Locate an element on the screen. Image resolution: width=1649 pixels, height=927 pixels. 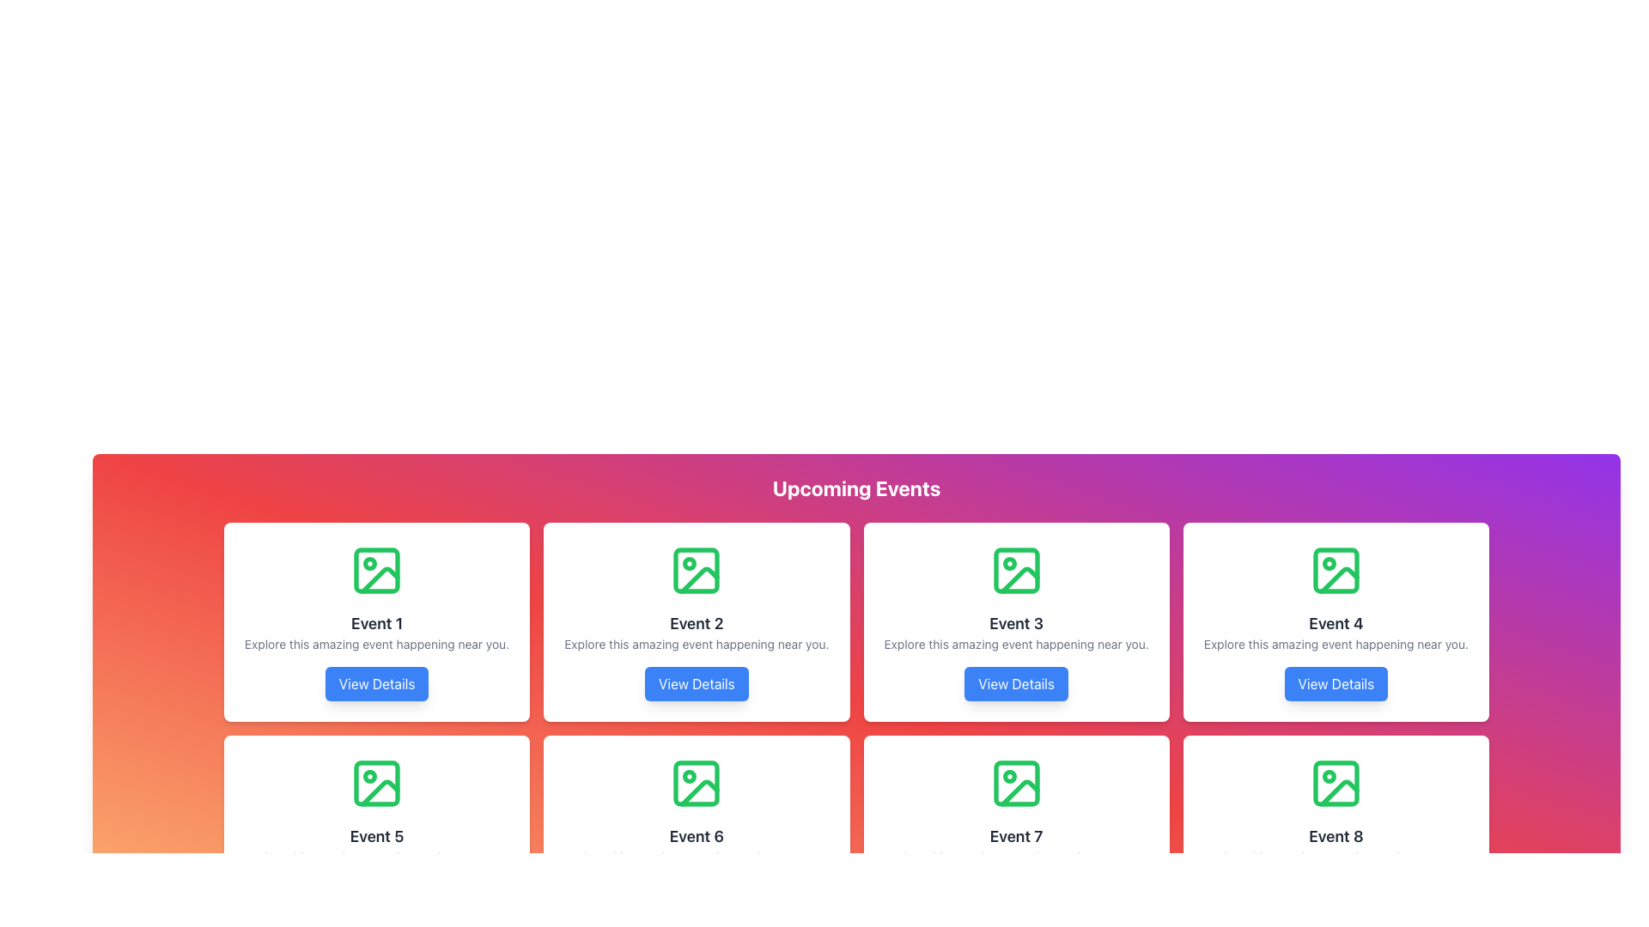
the image placeholder icon located in the third card of the first row, labeled 'Event 3' is located at coordinates (1016, 570).